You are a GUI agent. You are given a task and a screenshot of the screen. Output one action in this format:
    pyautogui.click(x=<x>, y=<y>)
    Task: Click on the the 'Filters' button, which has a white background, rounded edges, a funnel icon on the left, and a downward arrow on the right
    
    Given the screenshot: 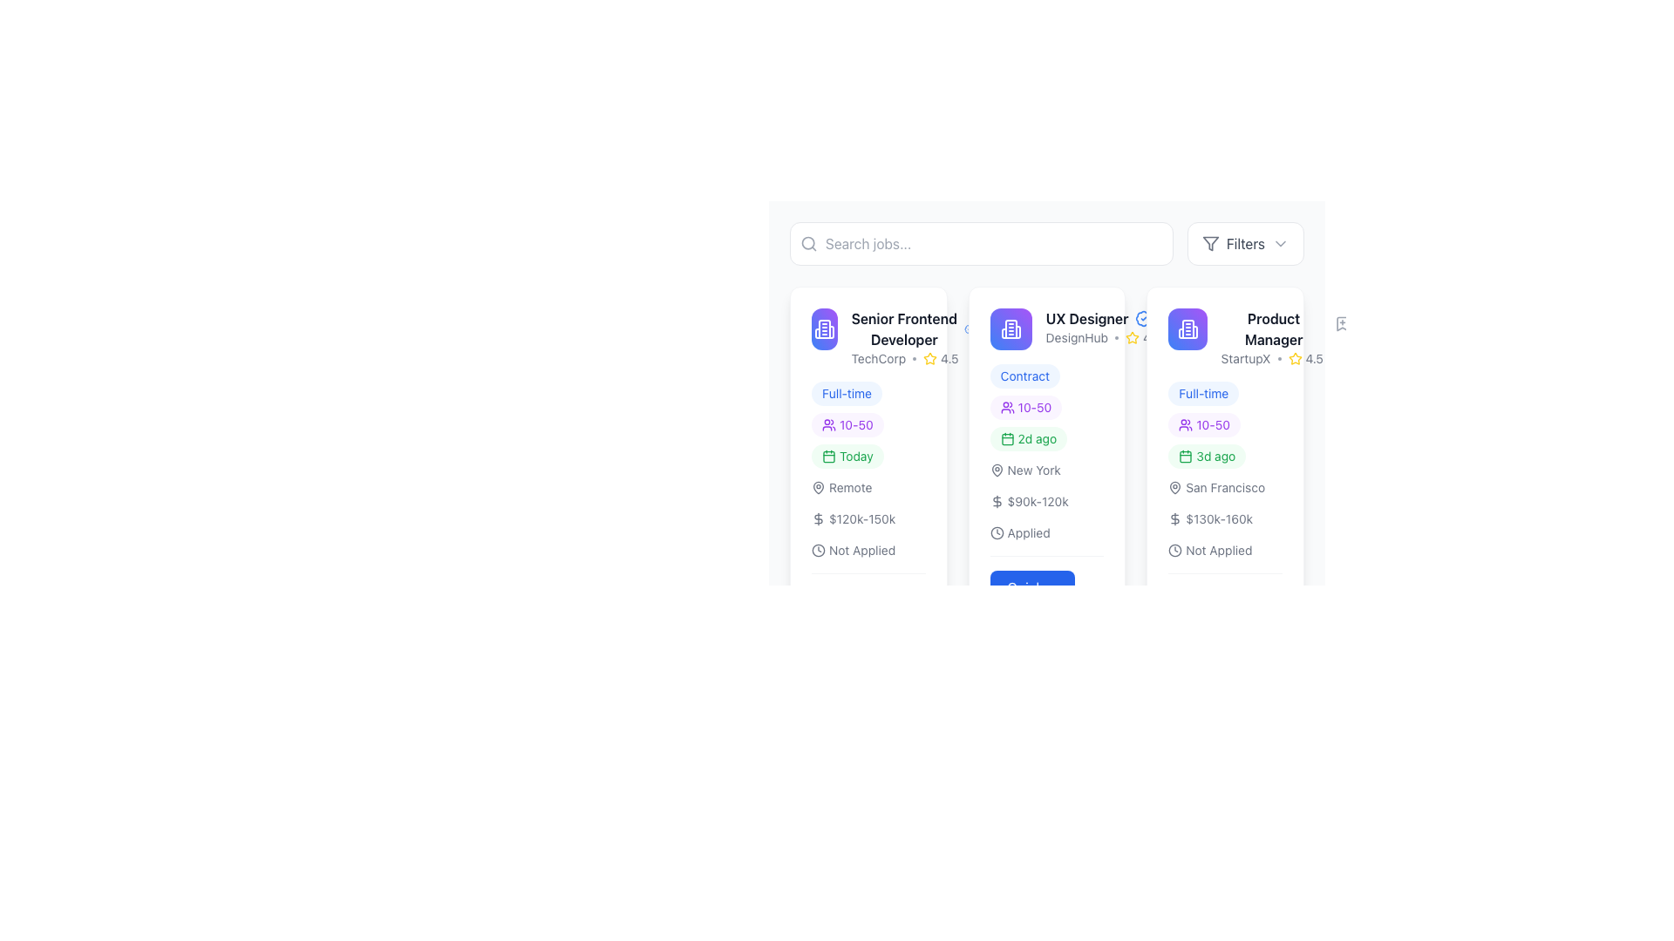 What is the action you would take?
    pyautogui.click(x=1244, y=244)
    